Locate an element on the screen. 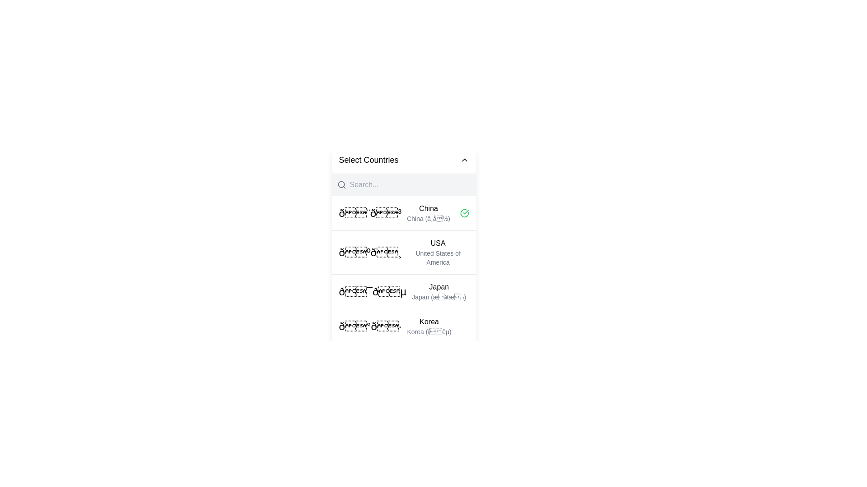 The height and width of the screenshot is (487, 867). the text block displaying 'China' and 'China (ä¸­å›½)' is located at coordinates (428, 213).